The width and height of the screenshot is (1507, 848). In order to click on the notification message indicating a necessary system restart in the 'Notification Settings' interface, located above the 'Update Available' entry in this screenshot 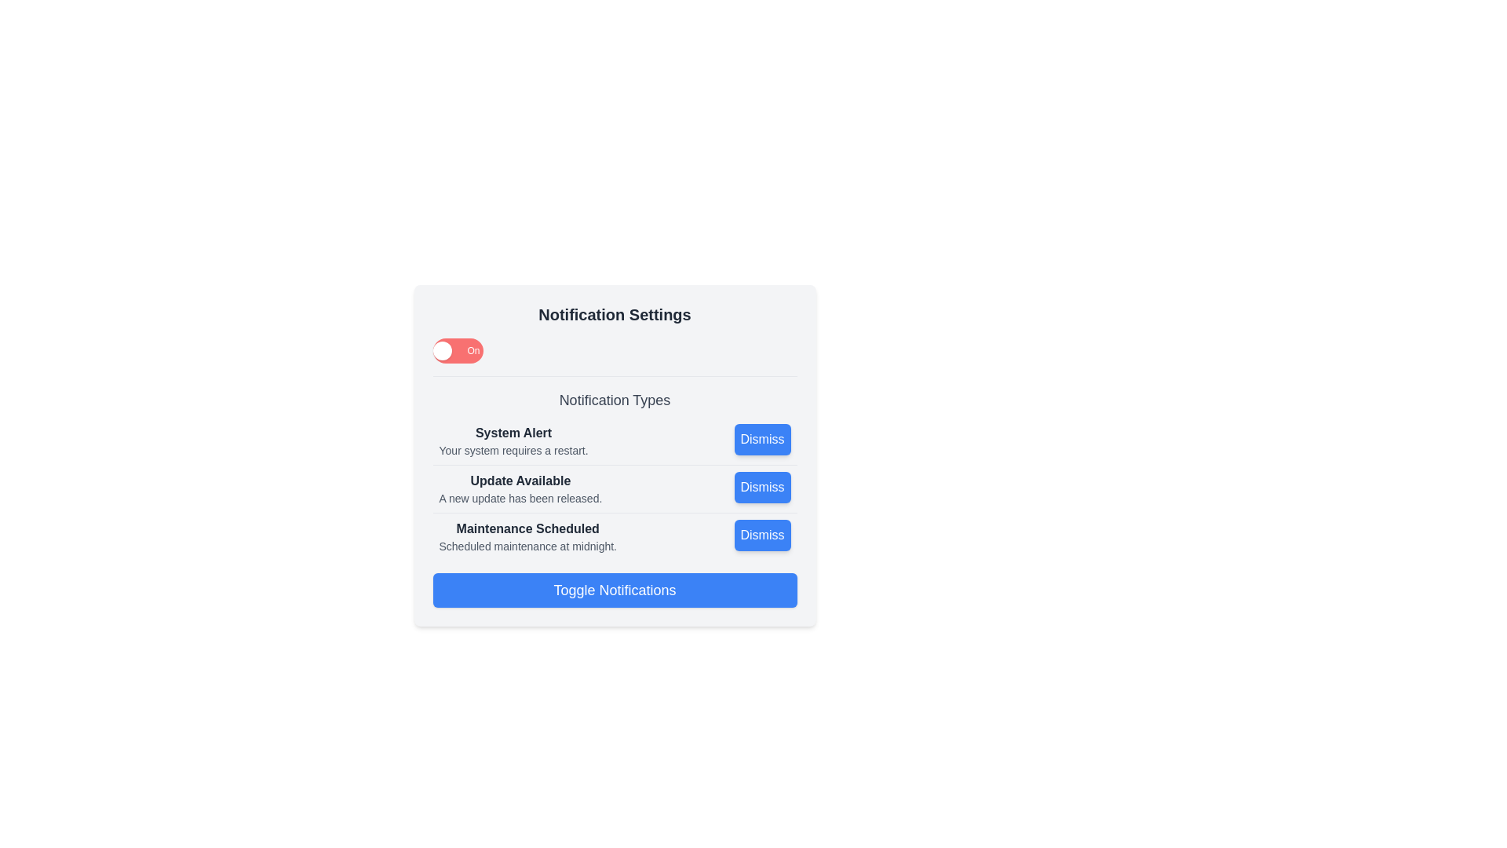, I will do `click(513, 441)`.